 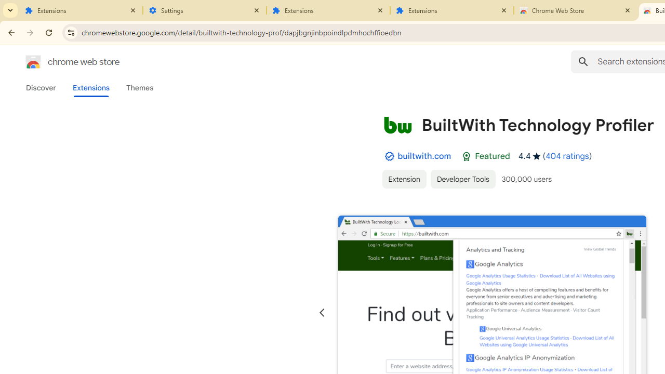 What do you see at coordinates (61, 62) in the screenshot?
I see `'Chrome Web Store logo chrome web store'` at bounding box center [61, 62].